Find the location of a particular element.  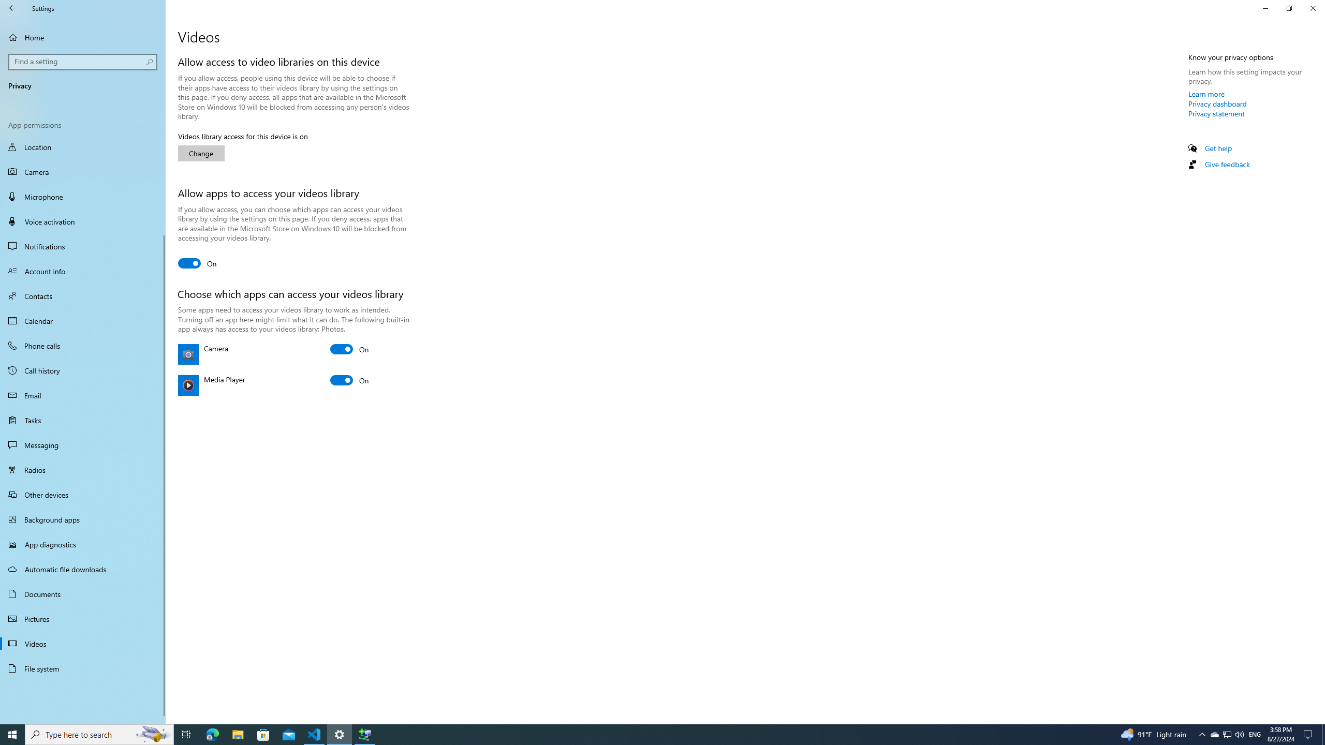

'Location' is located at coordinates (82, 147).